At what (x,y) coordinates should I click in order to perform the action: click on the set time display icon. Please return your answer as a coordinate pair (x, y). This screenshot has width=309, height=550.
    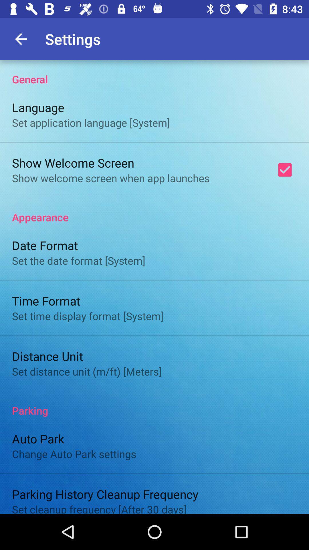
    Looking at the image, I should click on (88, 316).